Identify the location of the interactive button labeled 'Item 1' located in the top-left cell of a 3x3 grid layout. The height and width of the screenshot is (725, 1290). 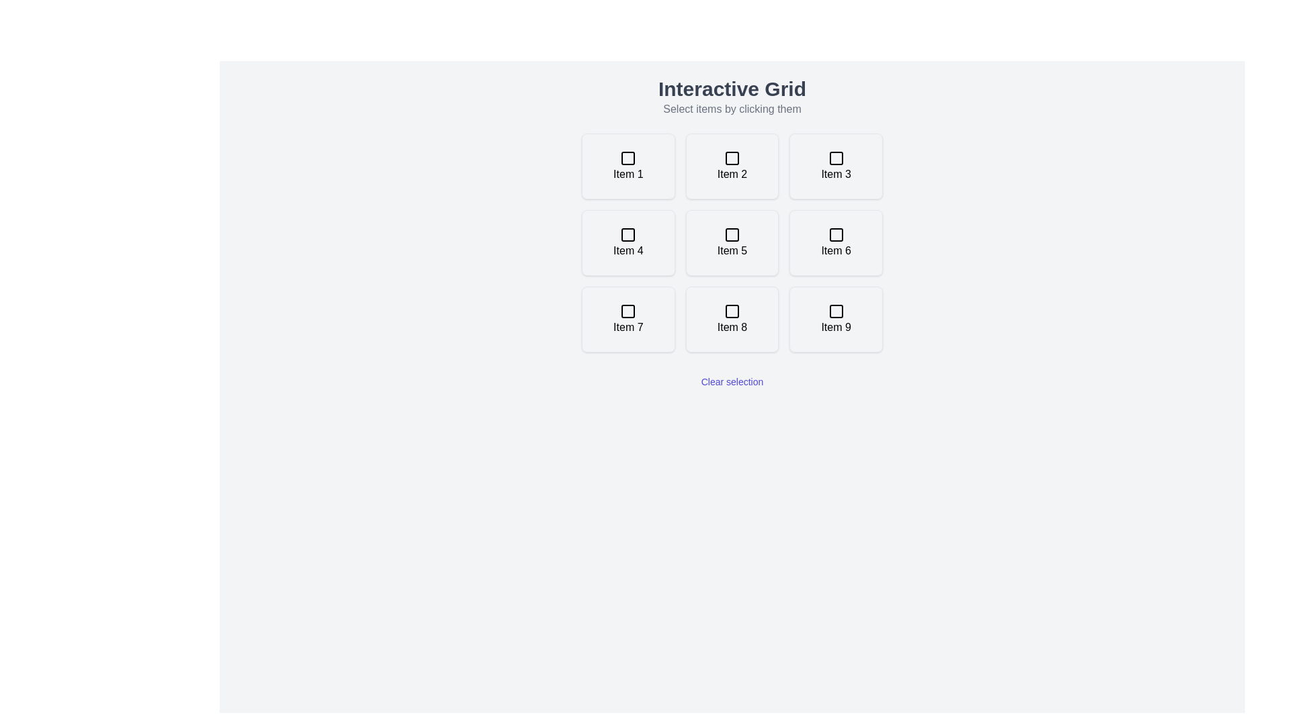
(628, 165).